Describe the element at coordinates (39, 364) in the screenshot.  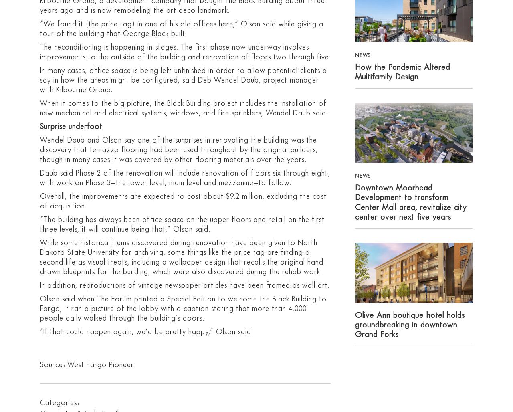
I see `'Source:'` at that location.